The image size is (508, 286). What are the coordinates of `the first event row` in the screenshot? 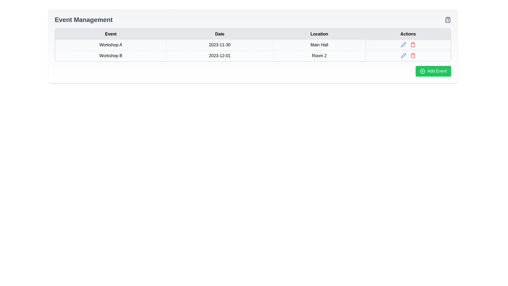 It's located at (252, 50).